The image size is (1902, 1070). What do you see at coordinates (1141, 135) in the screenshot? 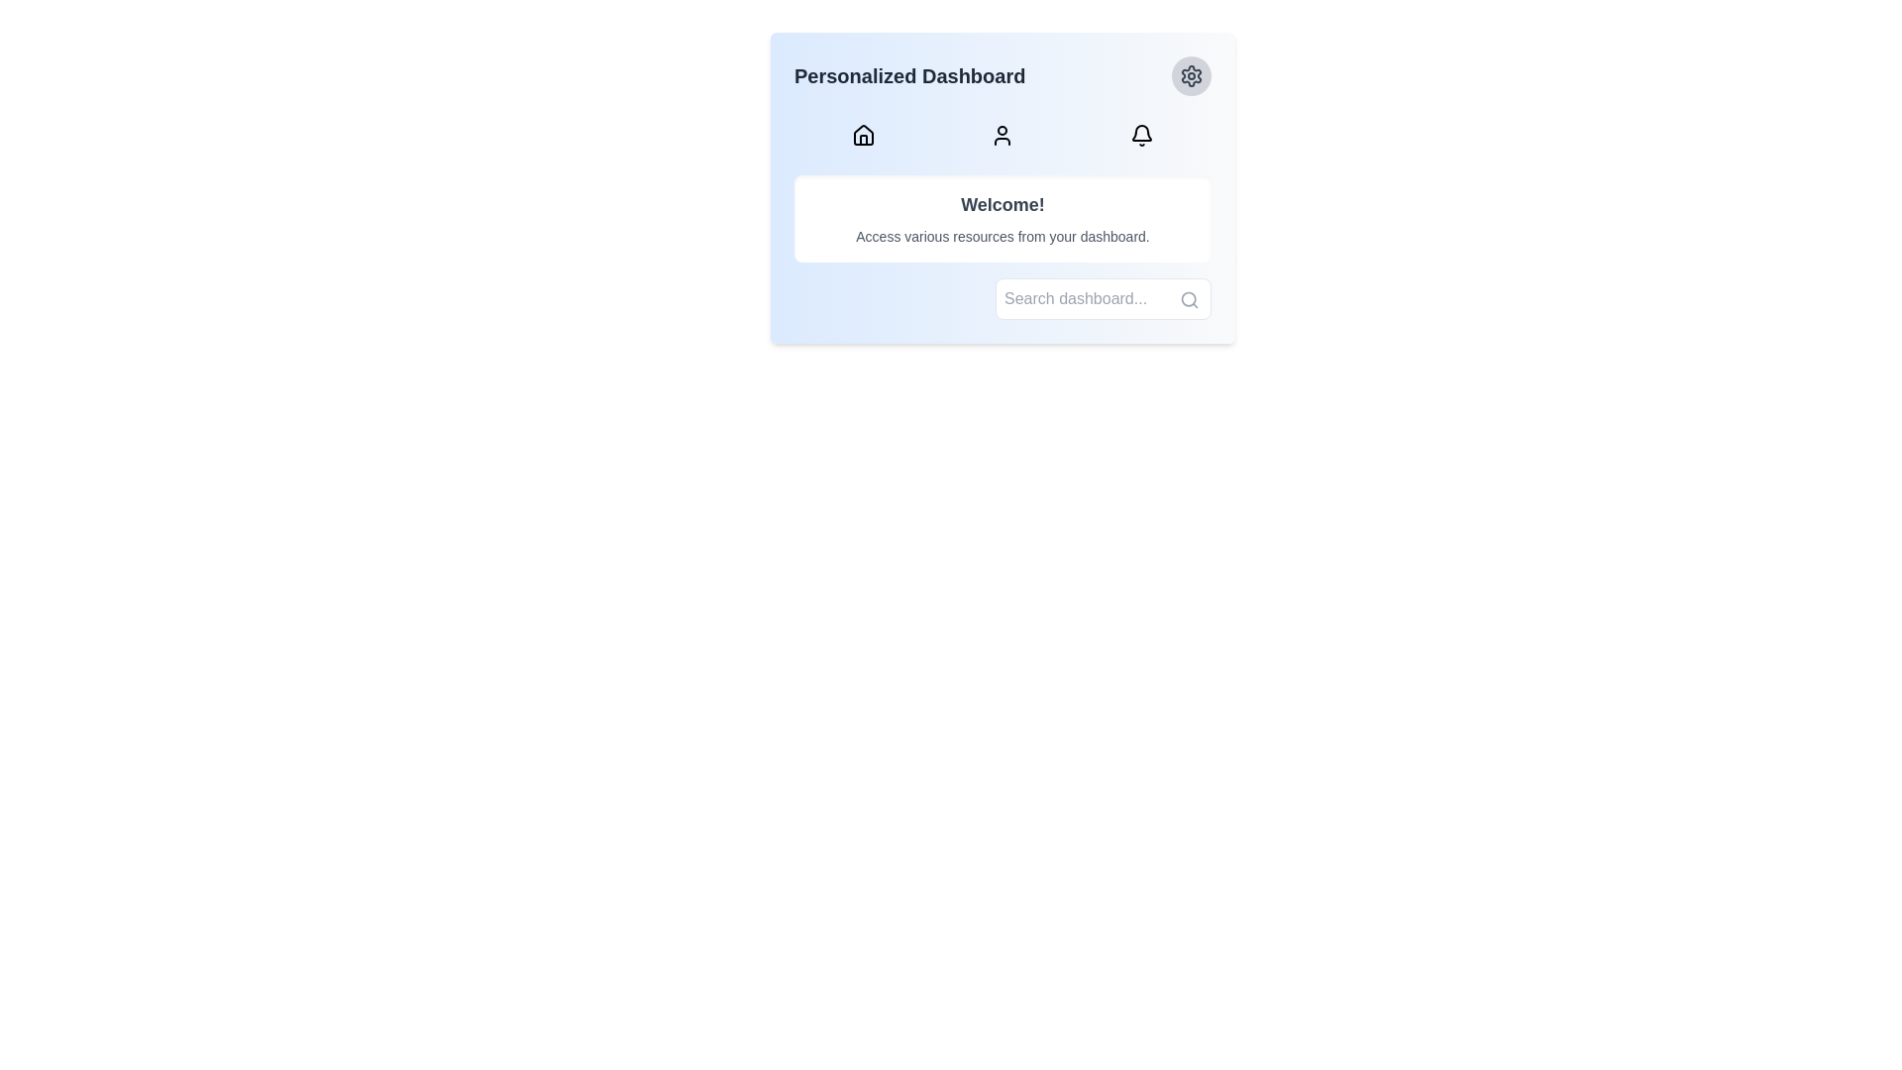
I see `the minimalist bell icon button located at the top-right corner of the dashboard interface` at bounding box center [1141, 135].